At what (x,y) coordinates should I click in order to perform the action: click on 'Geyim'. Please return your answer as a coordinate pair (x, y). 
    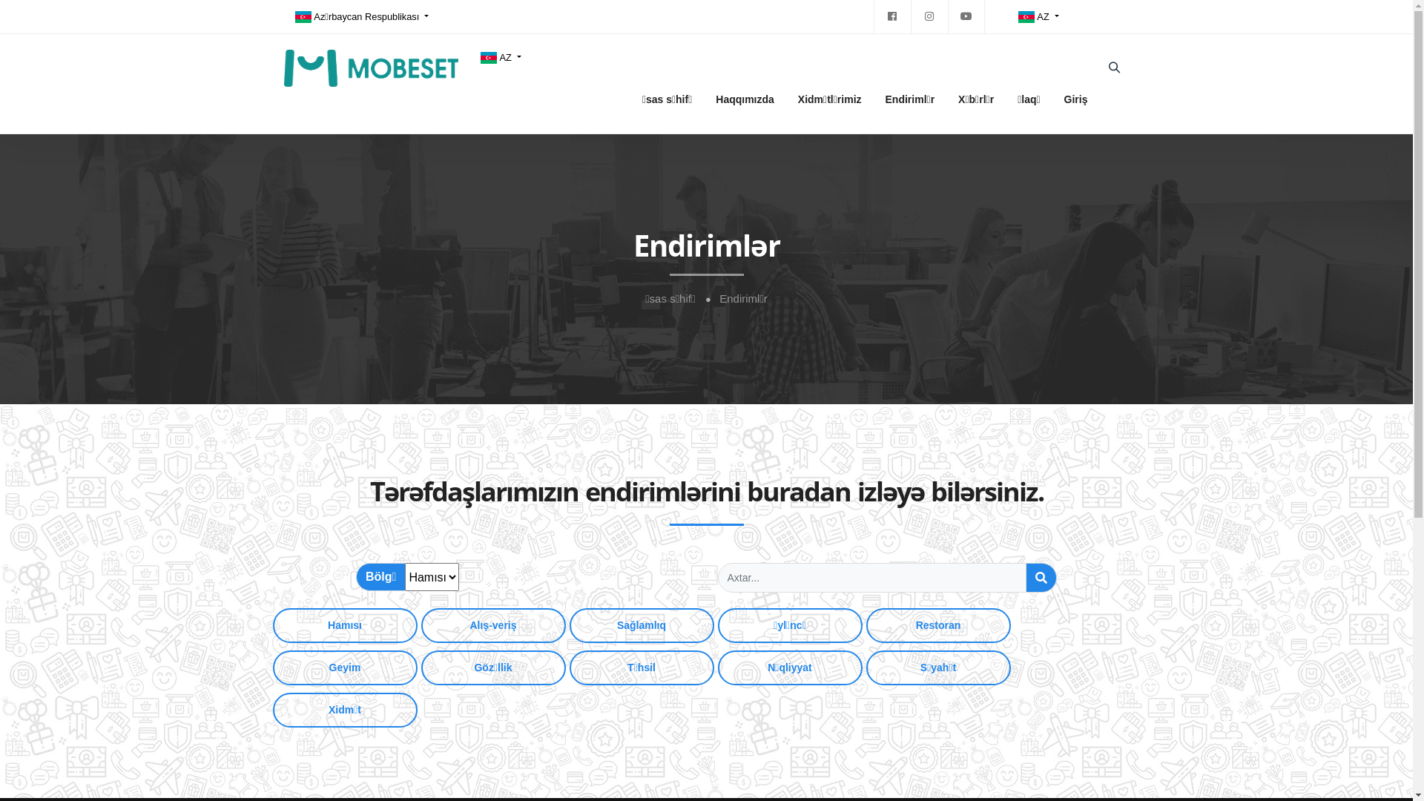
    Looking at the image, I should click on (273, 667).